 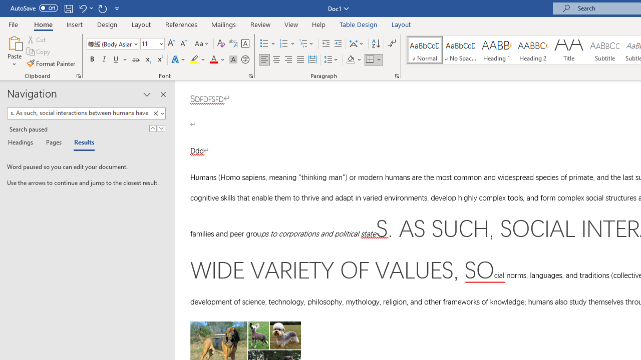 What do you see at coordinates (217, 59) in the screenshot?
I see `'Font Color'` at bounding box center [217, 59].